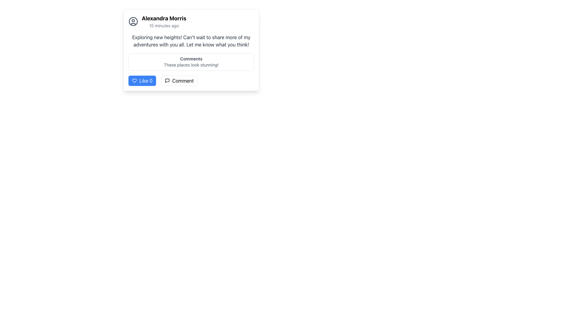  Describe the element at coordinates (134, 80) in the screenshot. I see `the heart-shaped icon representing the 'Like' feature, which is the leftmost element inside the button labeled 'Like 0', to like the post` at that location.